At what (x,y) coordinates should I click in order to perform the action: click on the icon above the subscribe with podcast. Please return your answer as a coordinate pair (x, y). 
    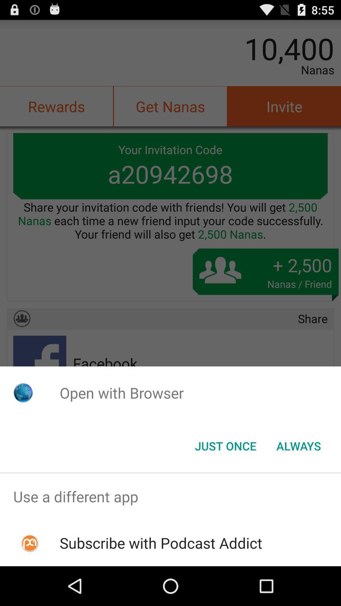
    Looking at the image, I should click on (170, 496).